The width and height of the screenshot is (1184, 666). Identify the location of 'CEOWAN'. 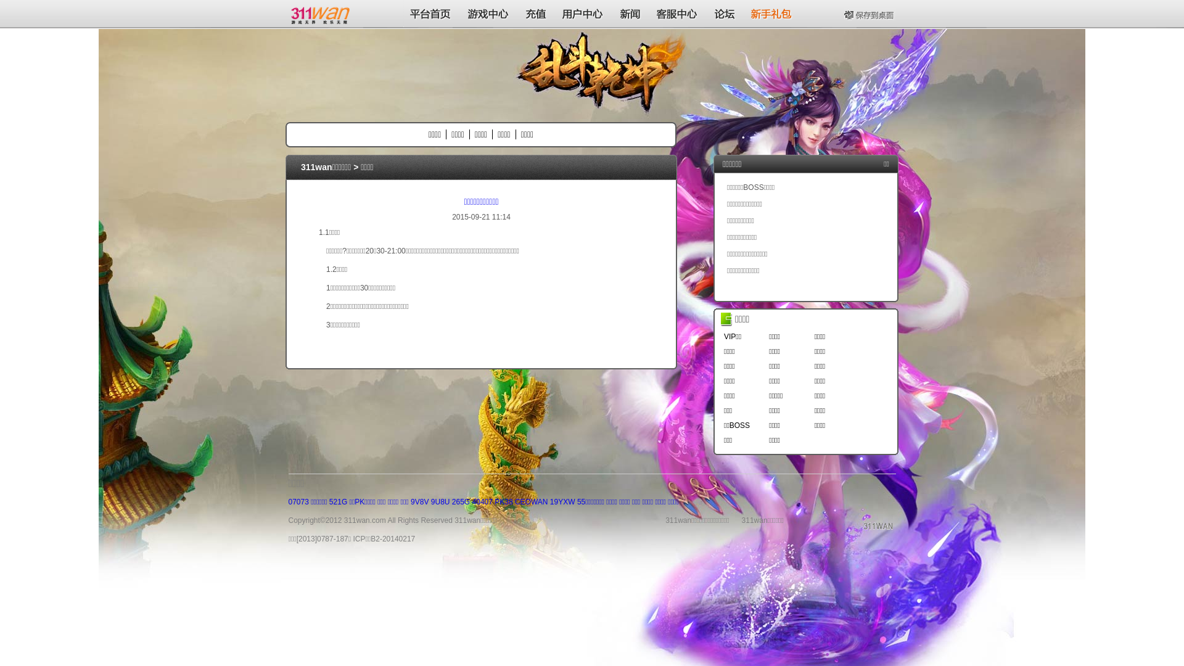
(515, 501).